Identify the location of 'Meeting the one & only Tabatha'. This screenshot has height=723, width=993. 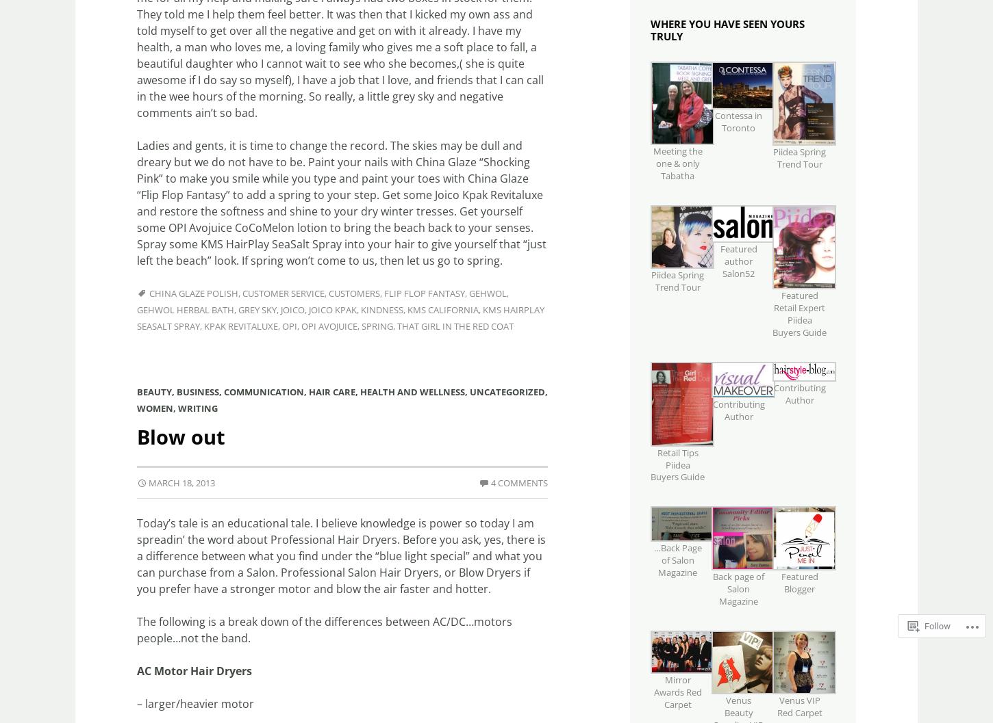
(677, 162).